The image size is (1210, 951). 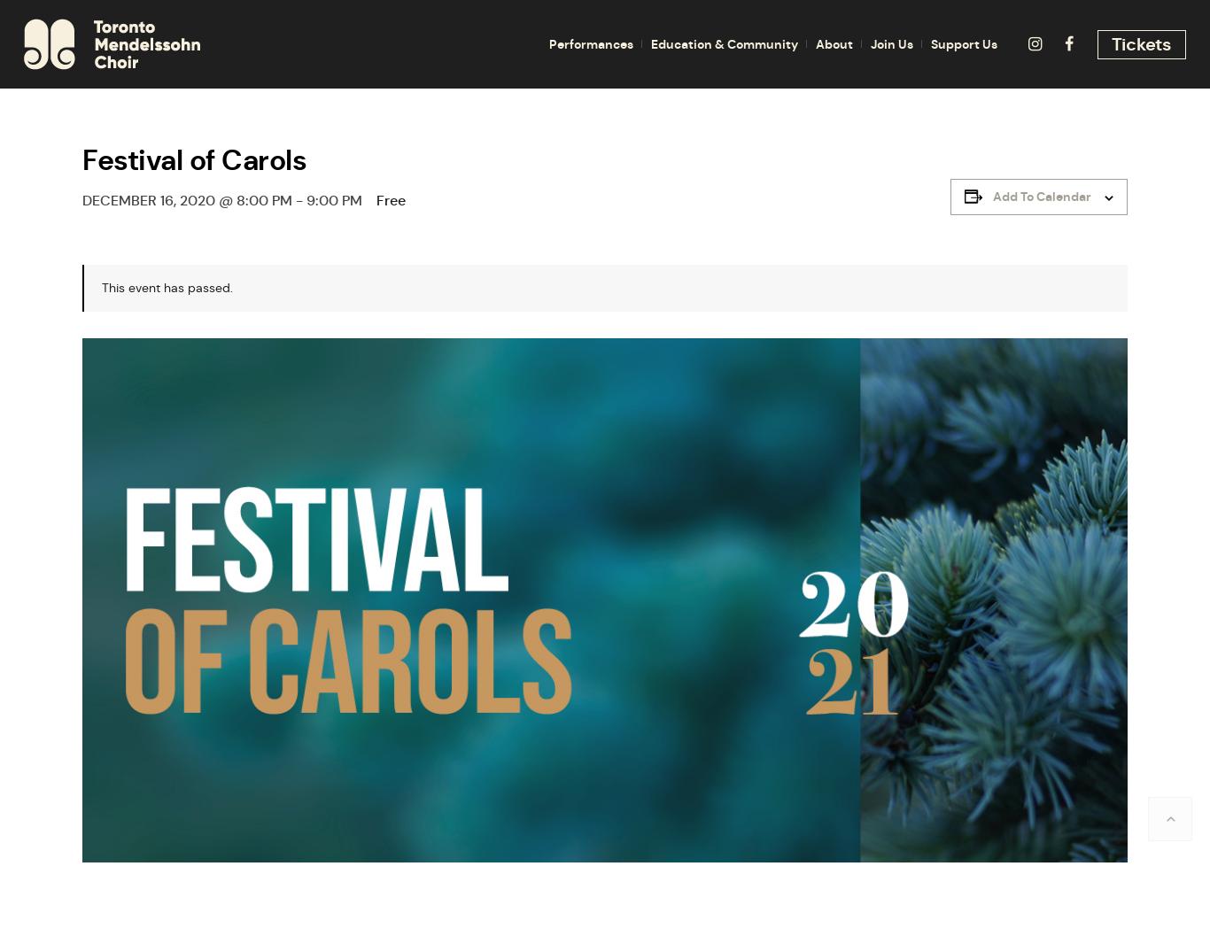 I want to click on 'Sing at Home', so click(x=702, y=336).